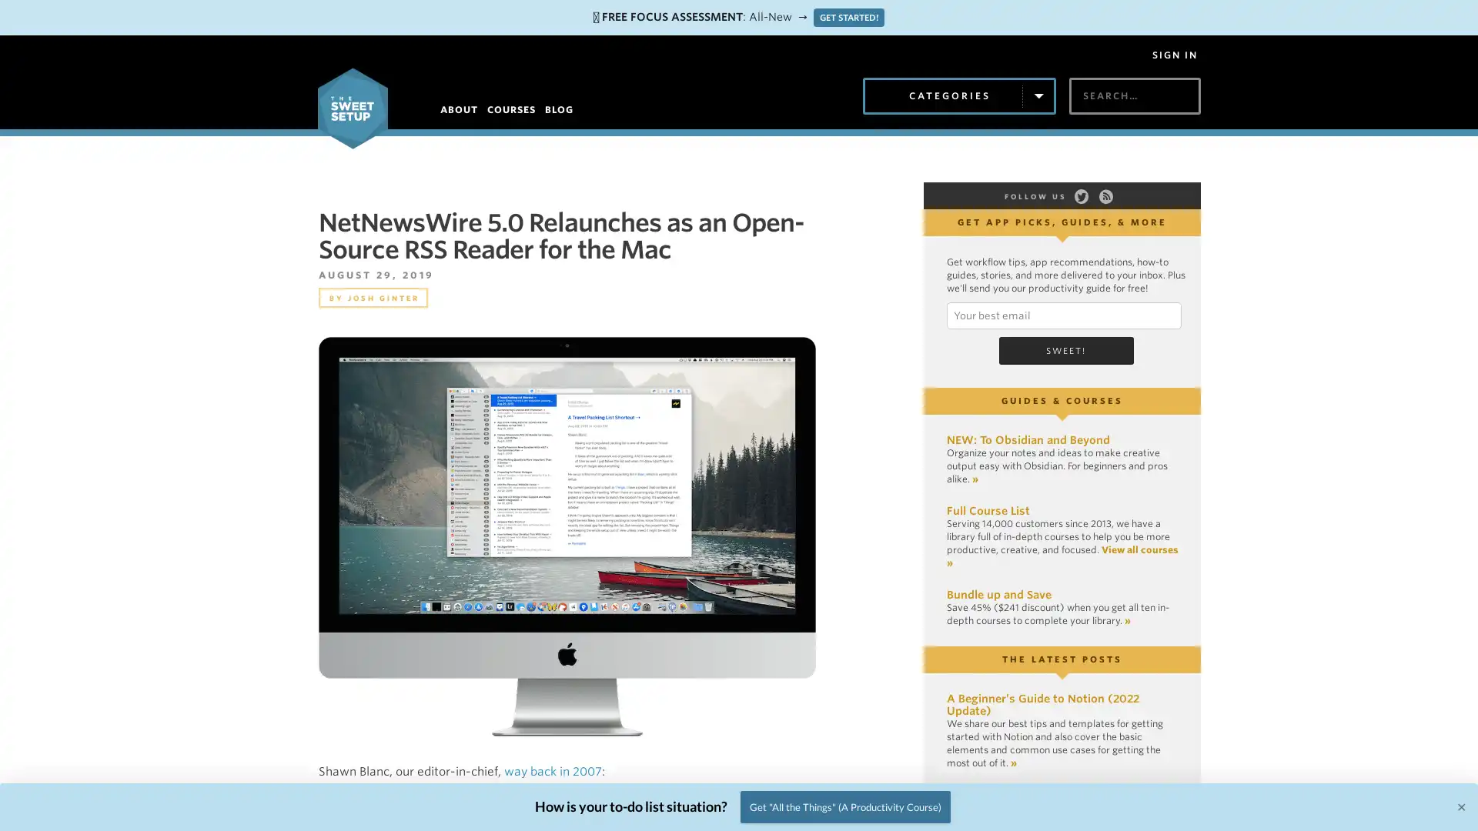 This screenshot has width=1478, height=831. What do you see at coordinates (844, 806) in the screenshot?
I see `Get "All the Things" (A Productivity Course)` at bounding box center [844, 806].